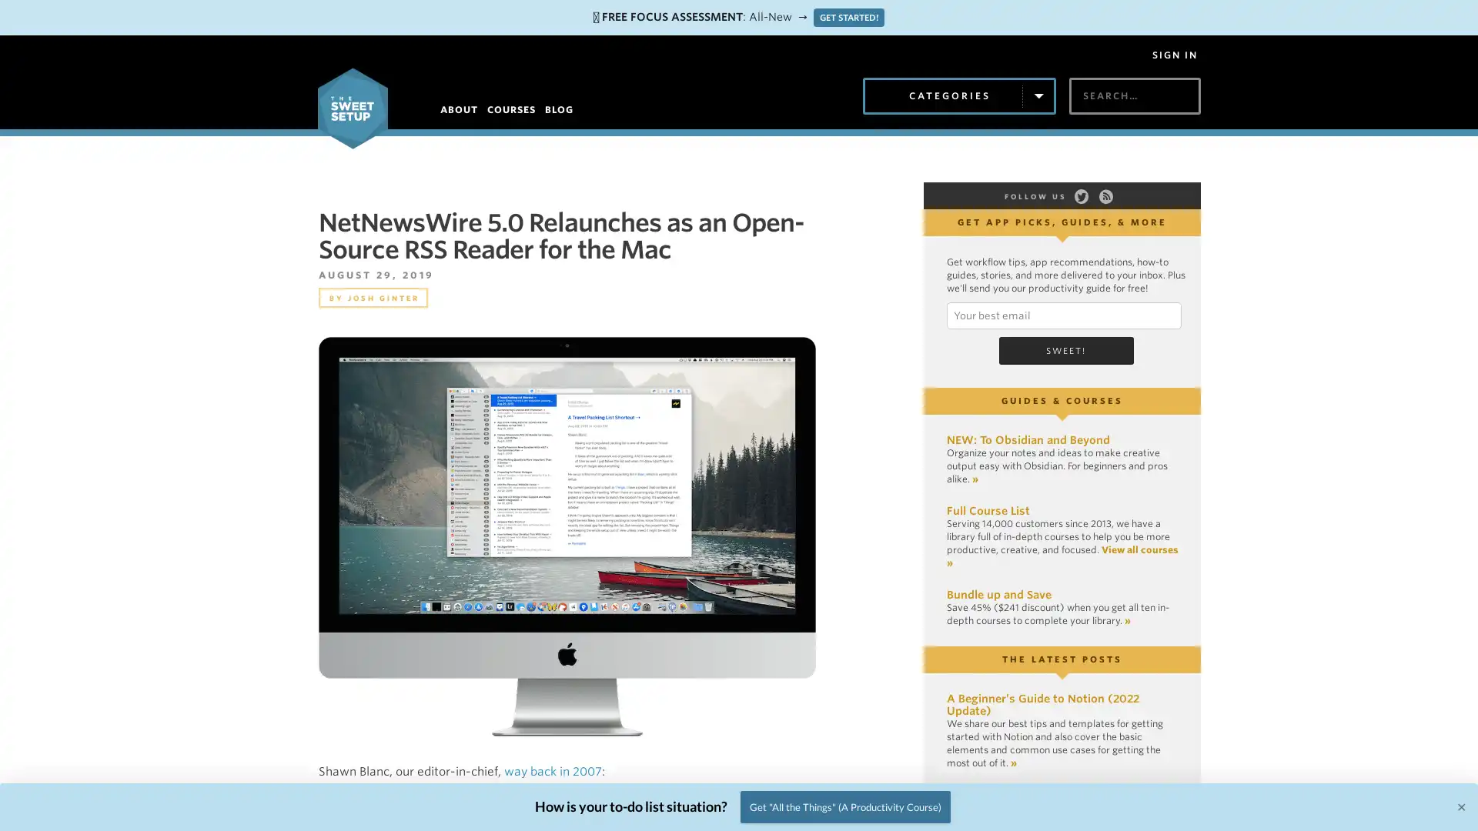 This screenshot has width=1478, height=831. What do you see at coordinates (844, 806) in the screenshot?
I see `Get "All the Things" (A Productivity Course)` at bounding box center [844, 806].